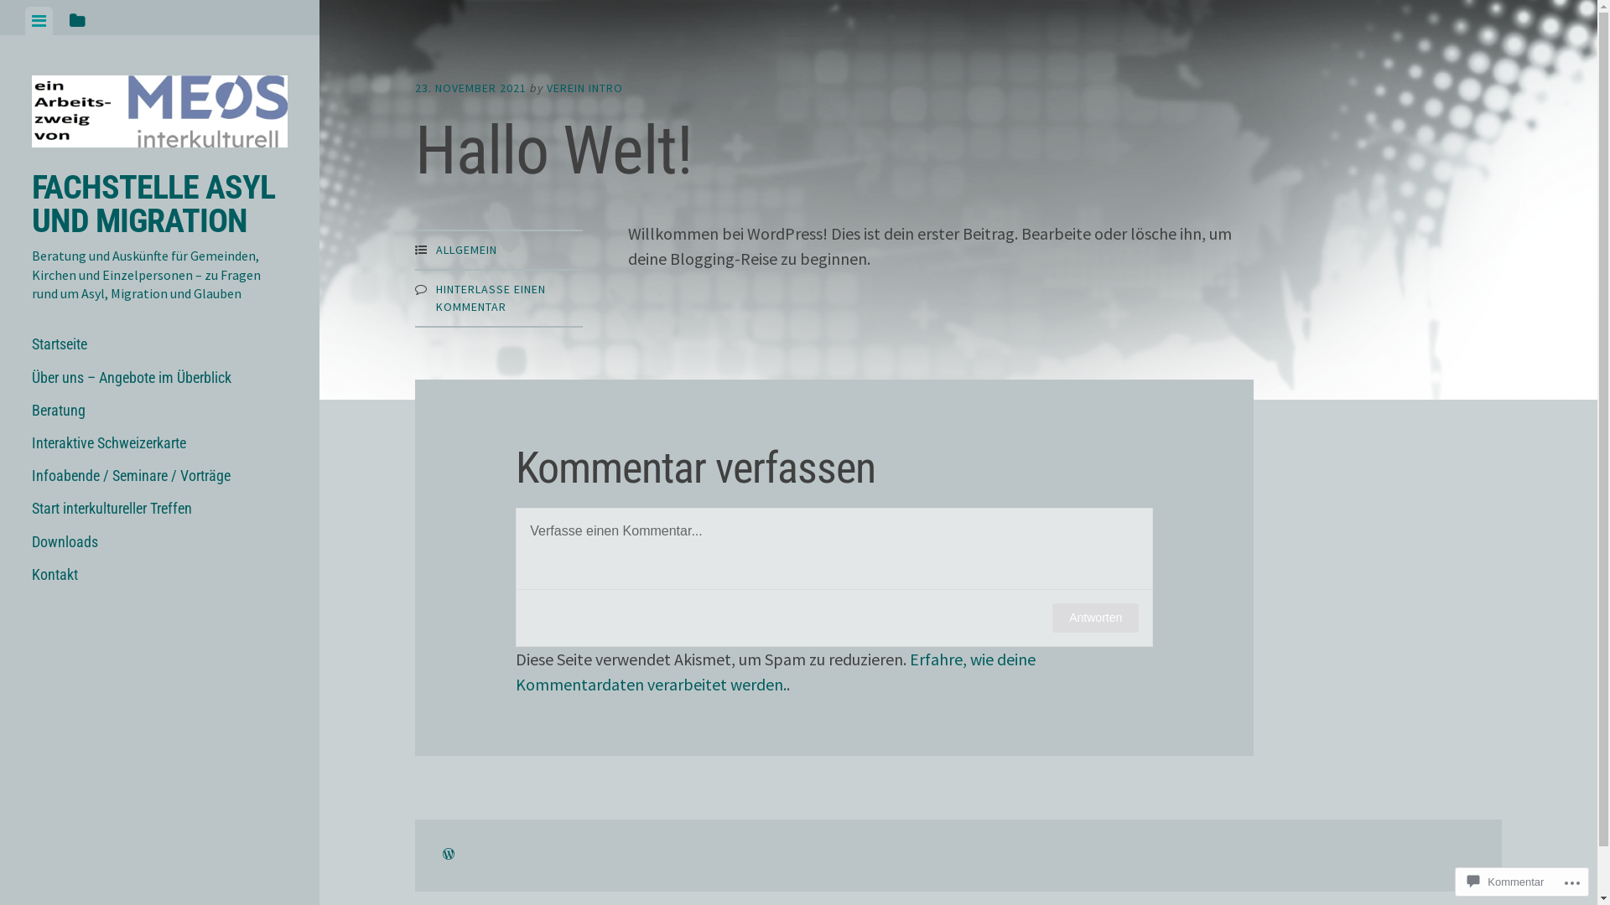 This screenshot has width=1610, height=905. Describe the element at coordinates (159, 507) in the screenshot. I see `'Start interkultureller Treffen'` at that location.